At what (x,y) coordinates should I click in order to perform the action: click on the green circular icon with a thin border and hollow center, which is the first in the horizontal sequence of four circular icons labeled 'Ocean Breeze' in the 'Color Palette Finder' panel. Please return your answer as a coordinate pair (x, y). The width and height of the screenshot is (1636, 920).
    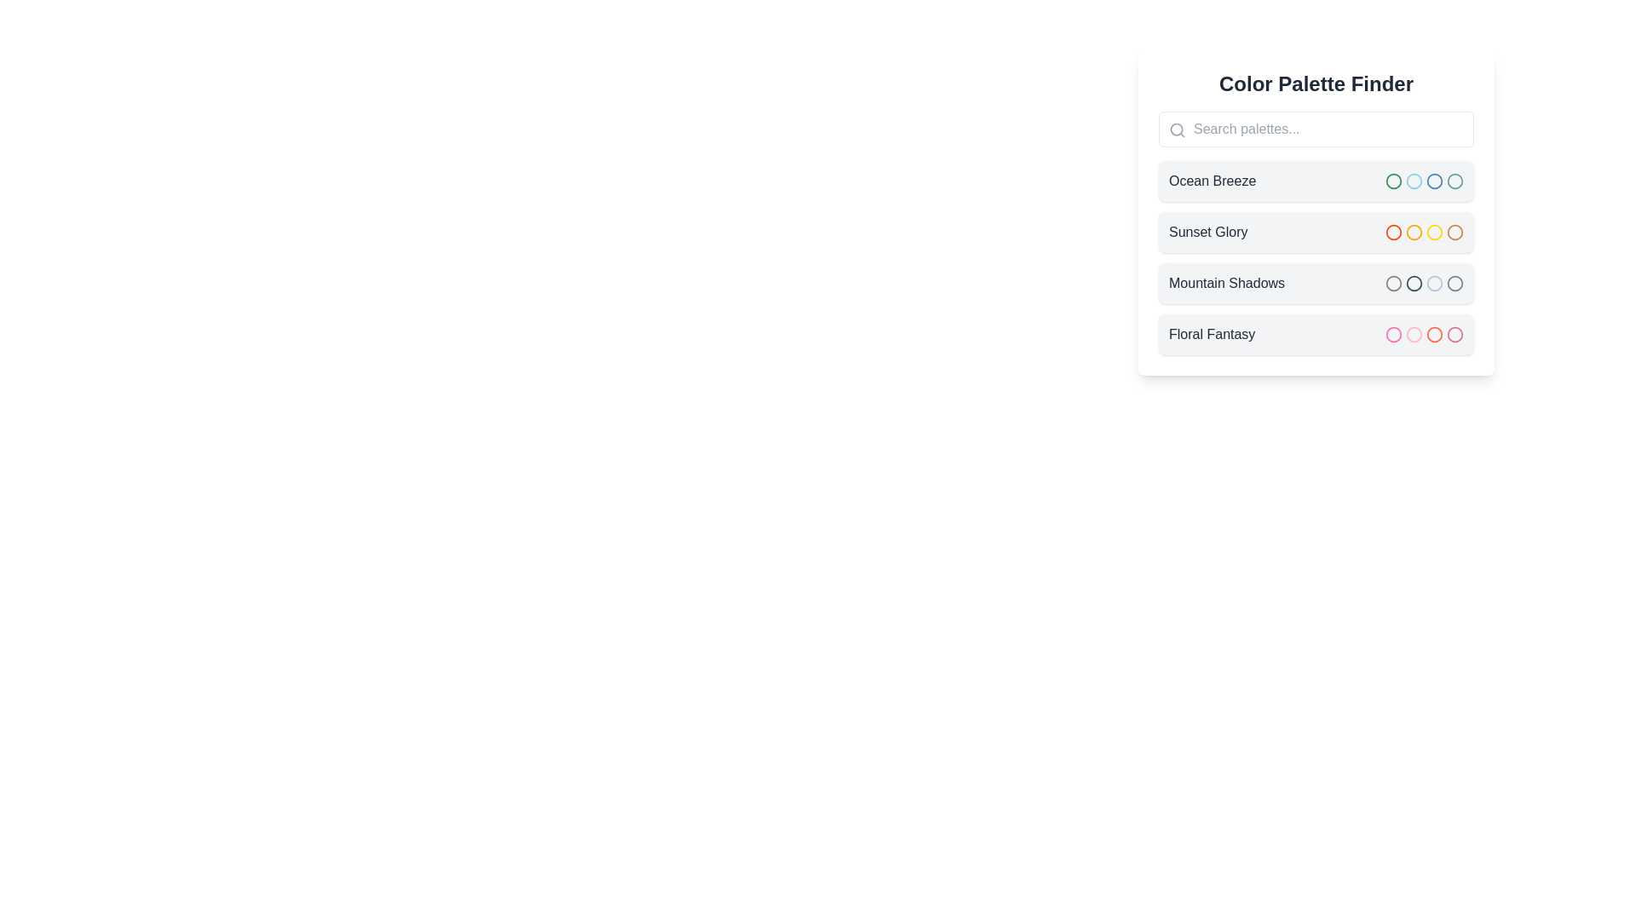
    Looking at the image, I should click on (1394, 181).